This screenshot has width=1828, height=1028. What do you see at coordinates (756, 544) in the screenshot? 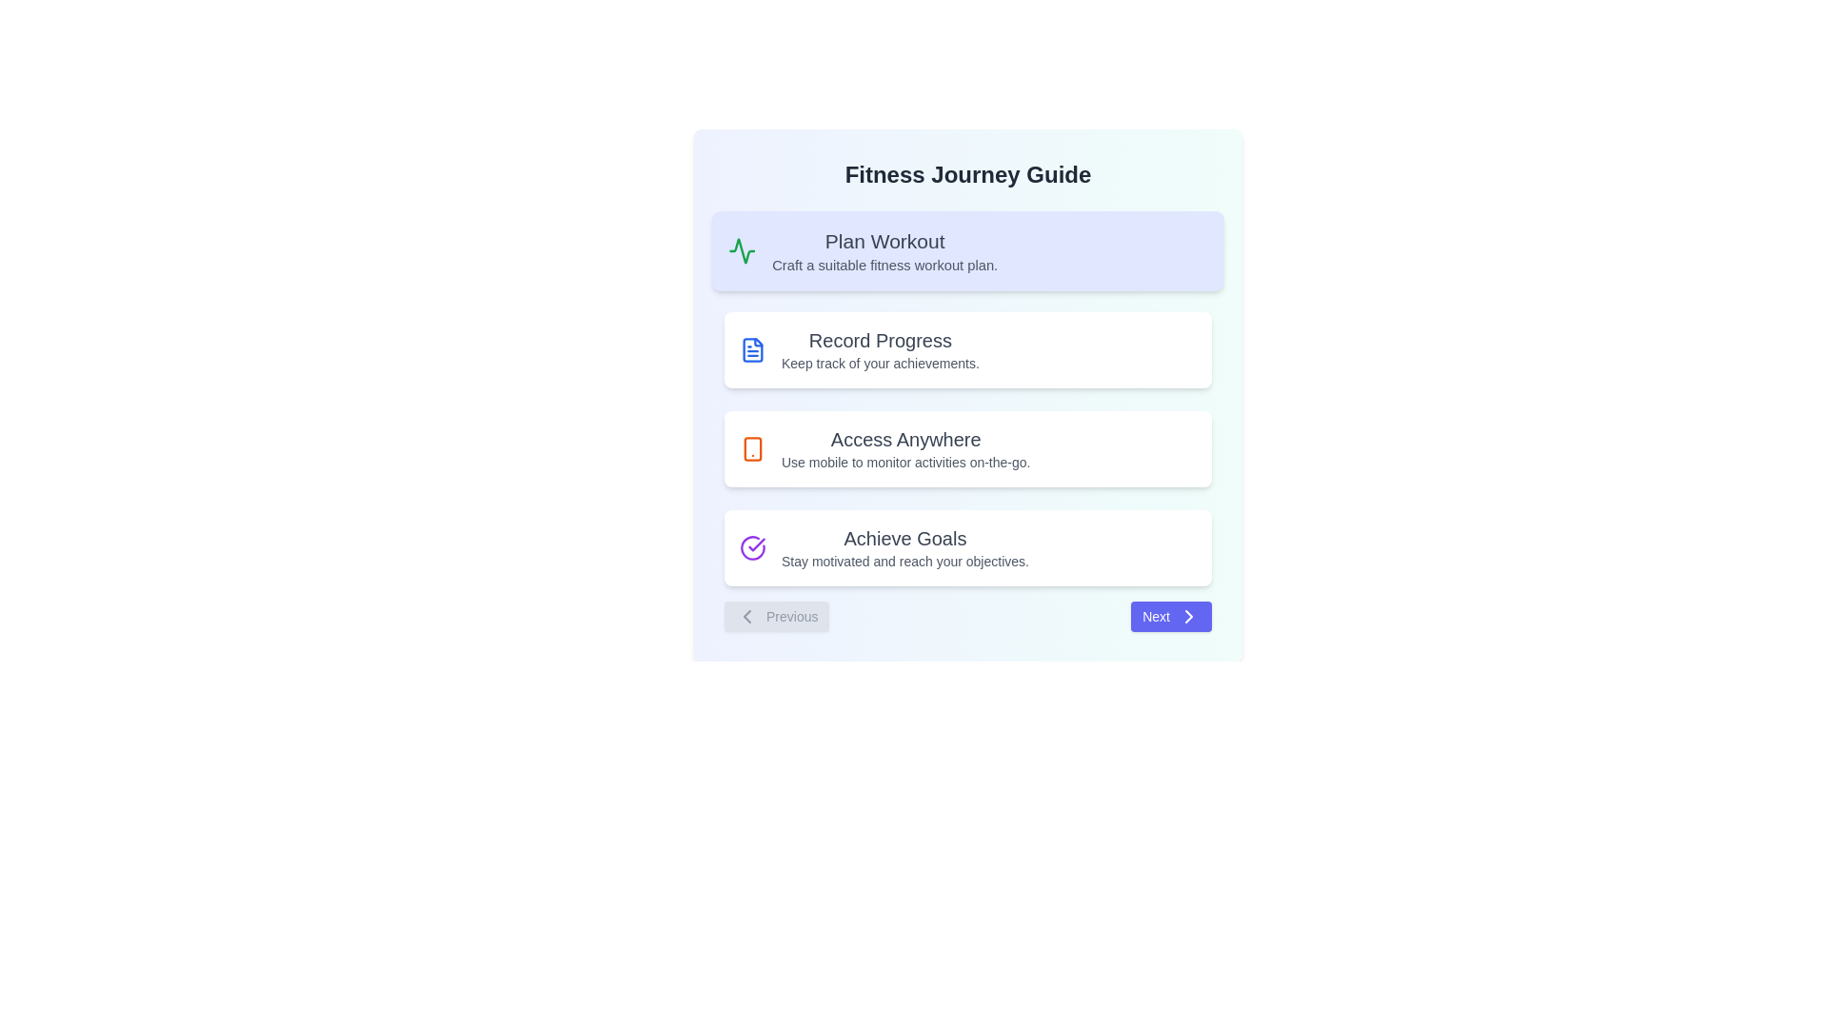
I see `the completed task indicator icon, which is a circular graphic located to the left of the 'Achieve Goals' label on the fourth row of the list` at bounding box center [756, 544].